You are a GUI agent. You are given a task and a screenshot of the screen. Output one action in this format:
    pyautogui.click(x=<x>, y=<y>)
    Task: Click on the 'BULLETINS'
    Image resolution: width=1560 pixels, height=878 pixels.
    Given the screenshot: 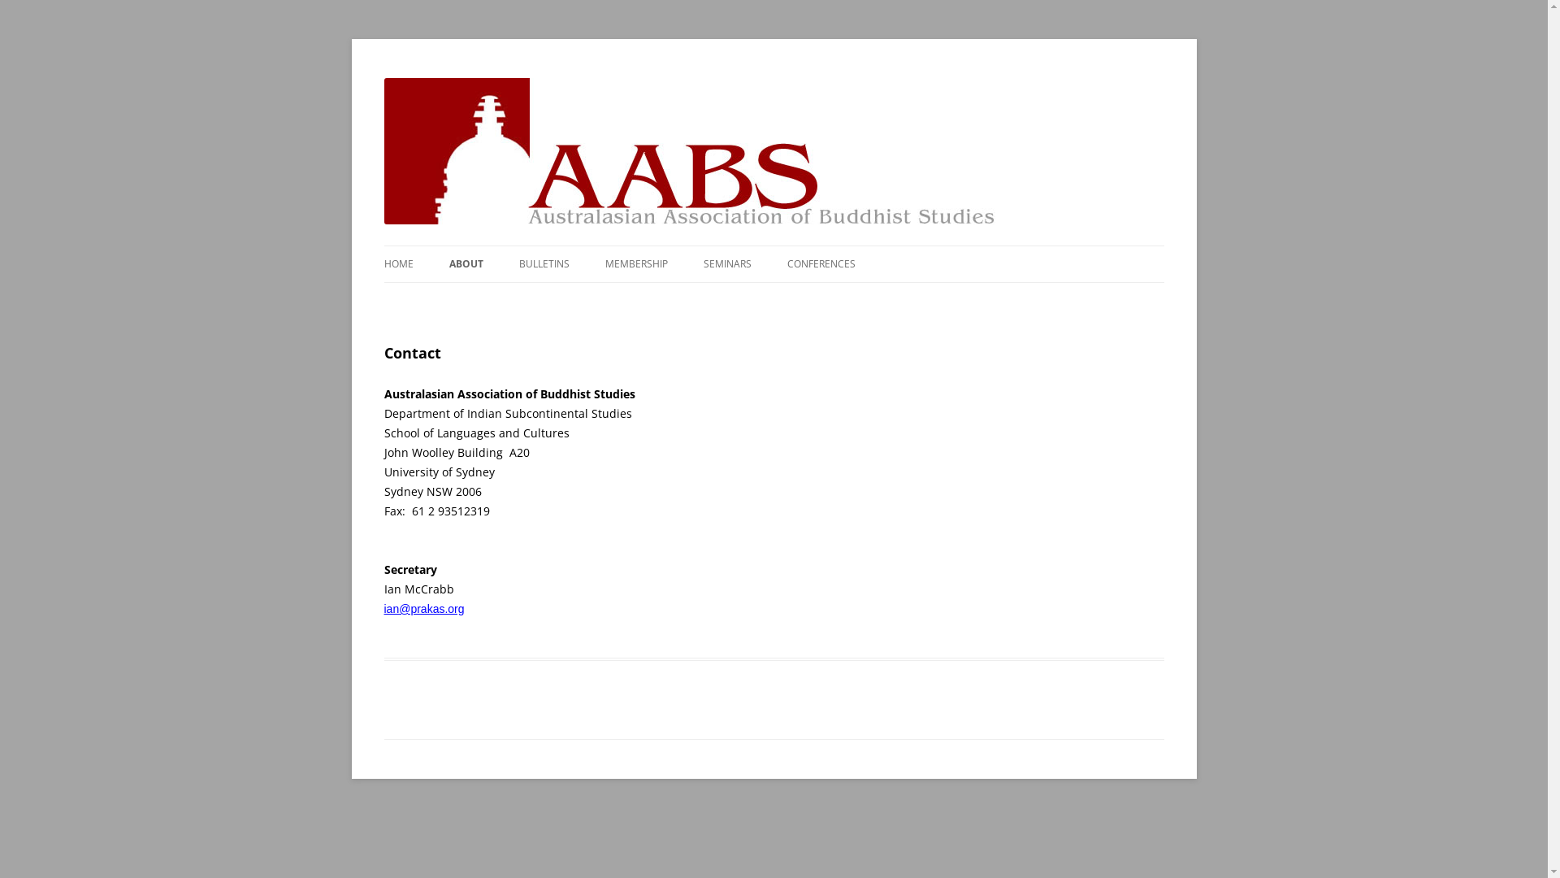 What is the action you would take?
    pyautogui.click(x=543, y=263)
    